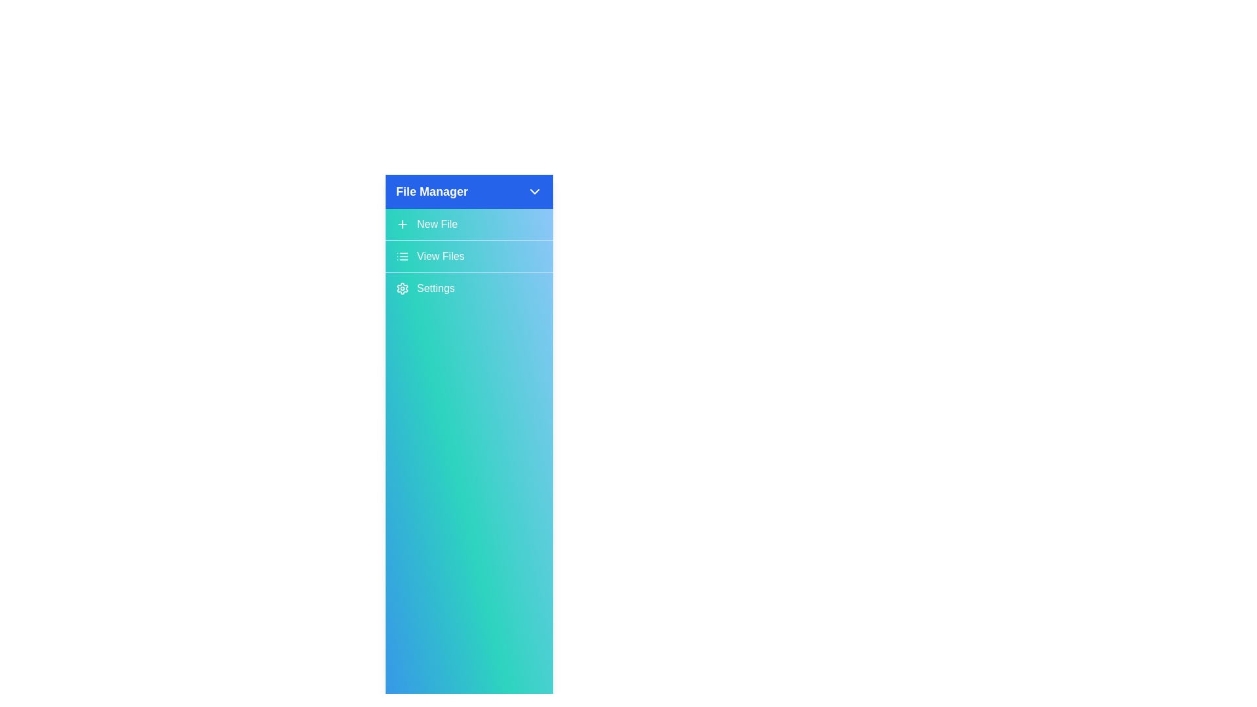 The image size is (1257, 707). I want to click on the 'New File' button to create a new file, so click(469, 224).